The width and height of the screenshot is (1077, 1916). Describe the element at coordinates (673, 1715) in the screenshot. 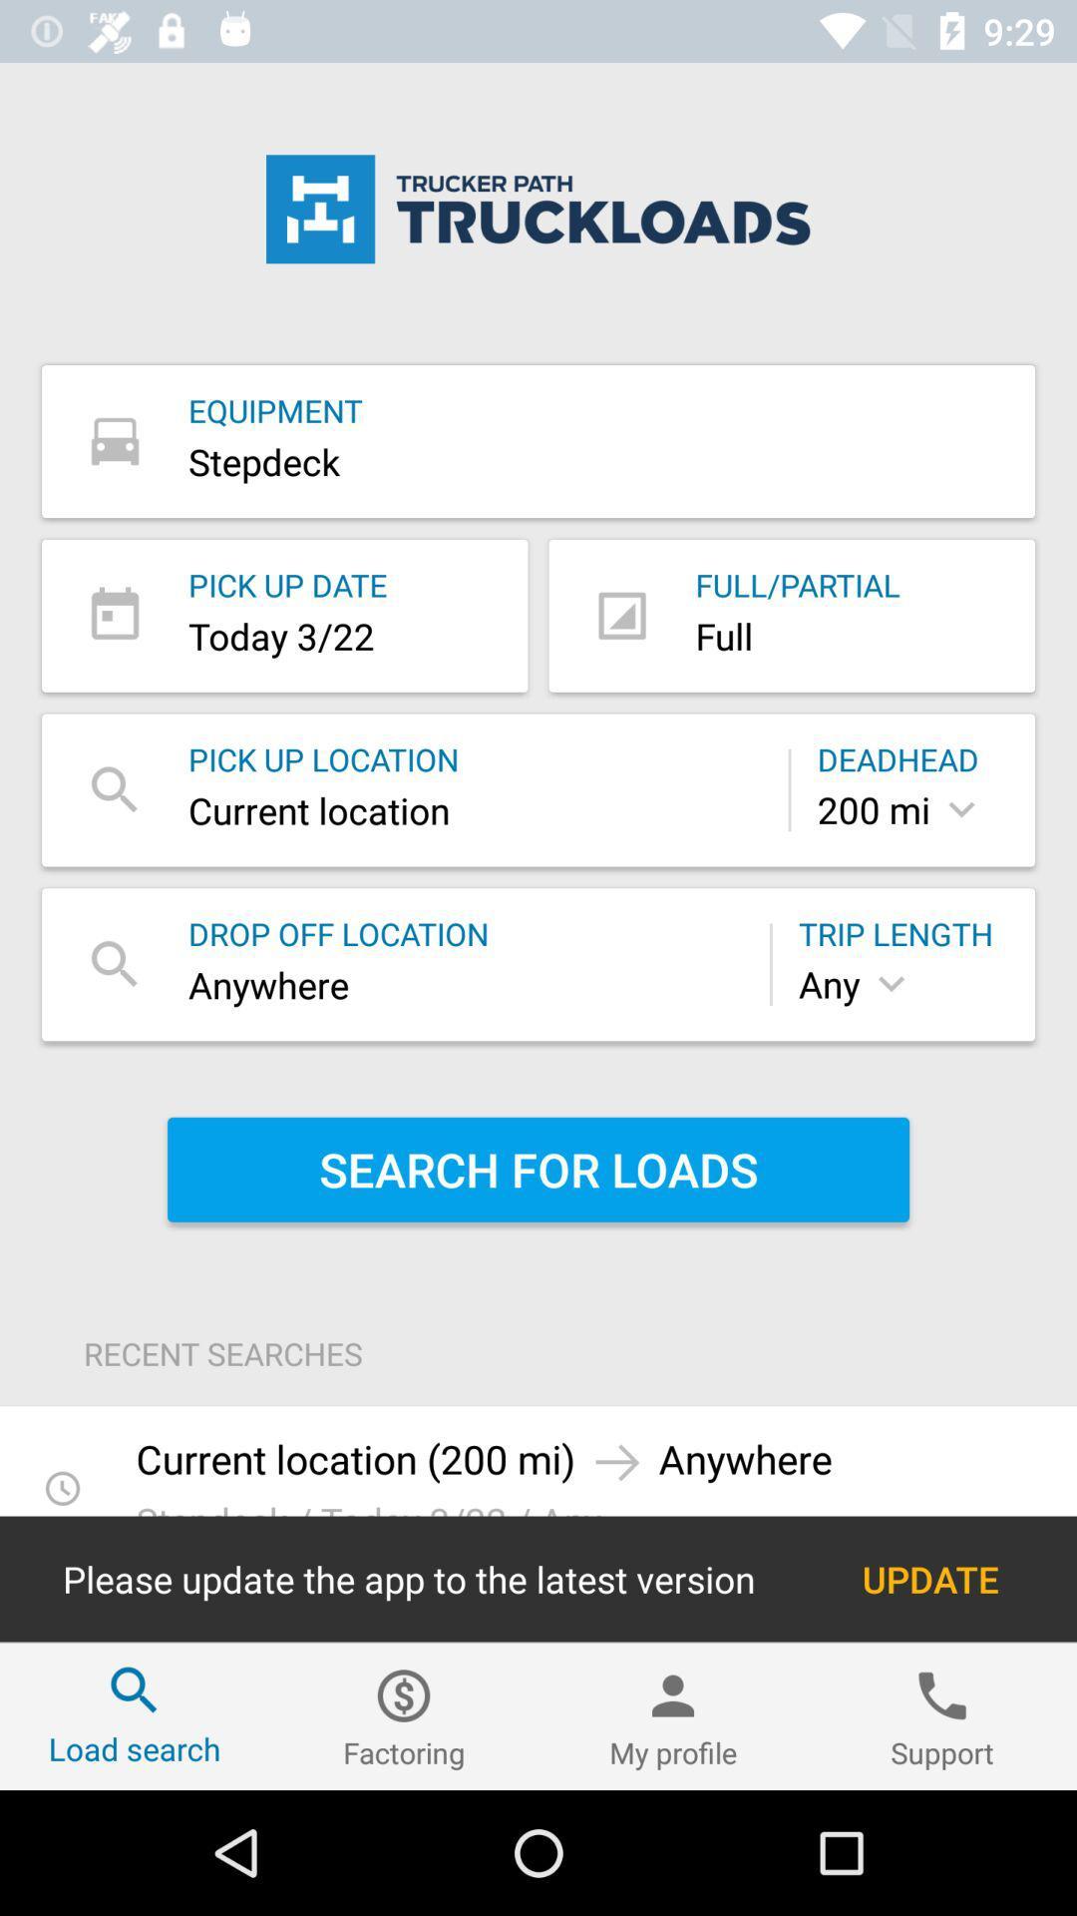

I see `the item next to the support` at that location.